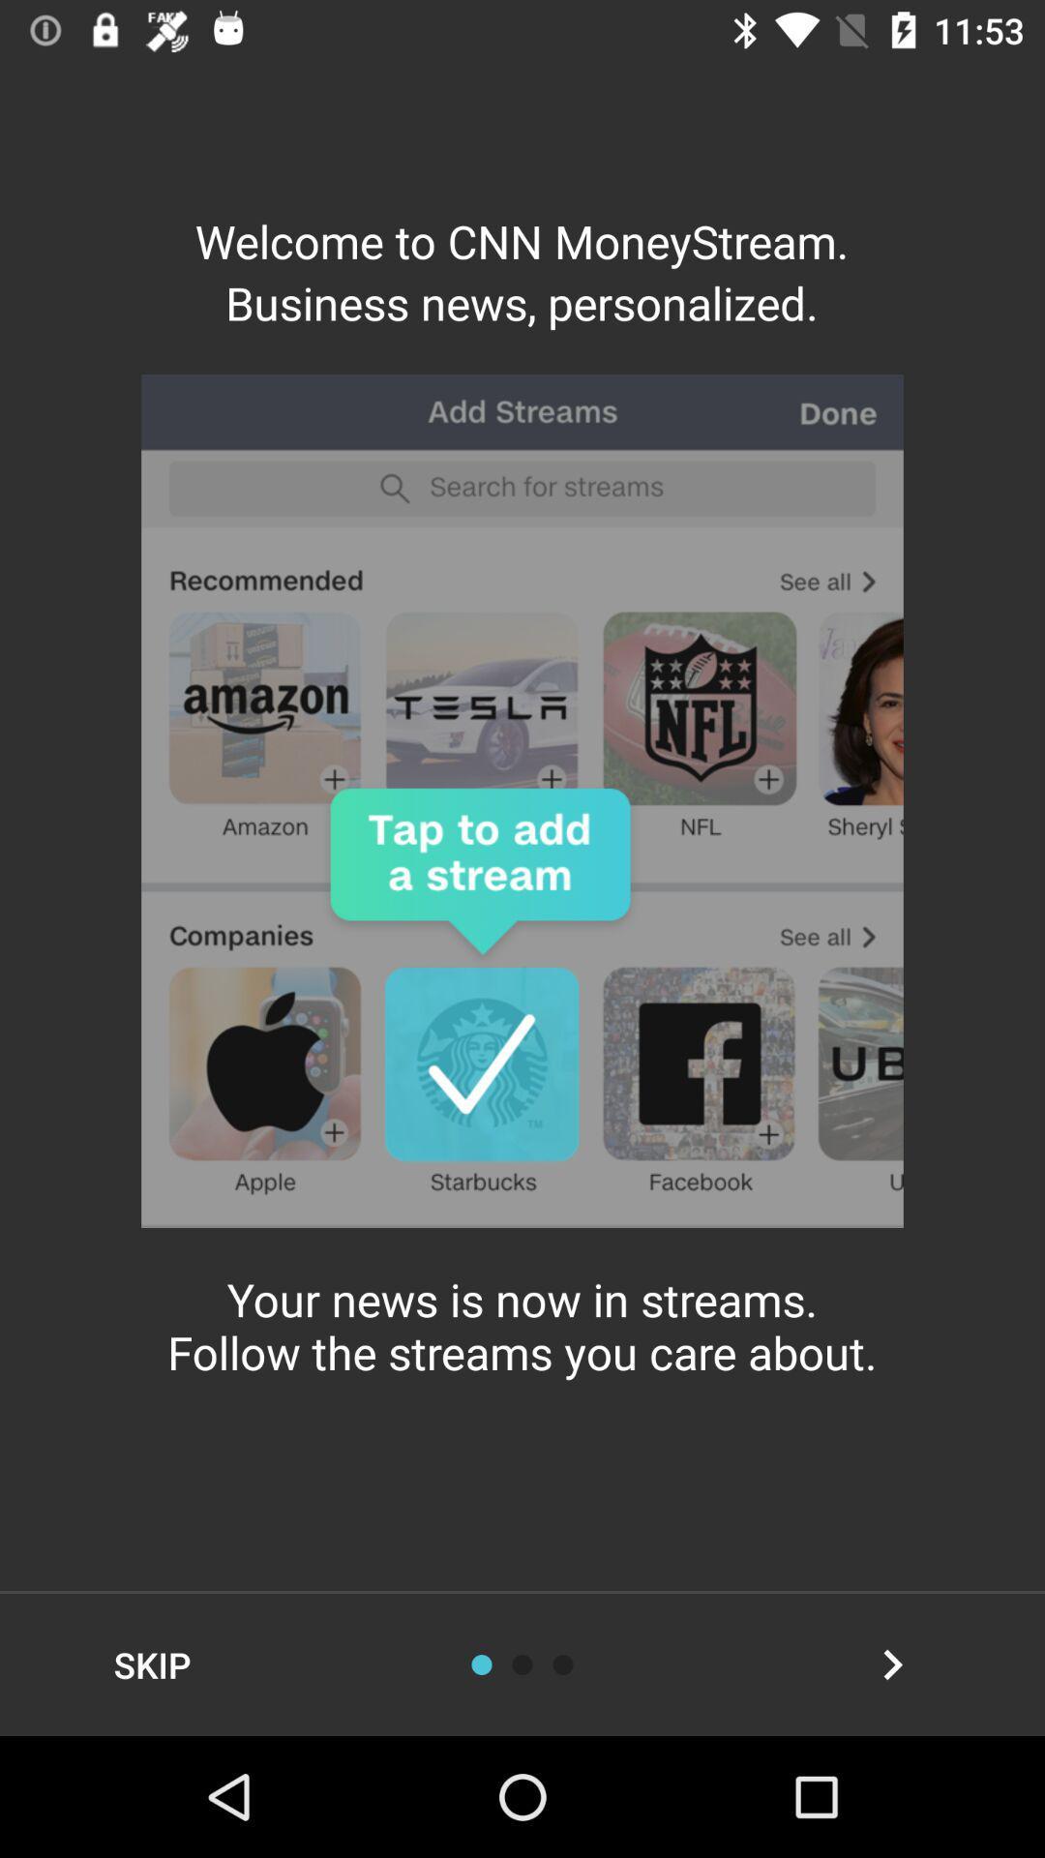  Describe the element at coordinates (563, 1663) in the screenshot. I see `switches to paused item` at that location.